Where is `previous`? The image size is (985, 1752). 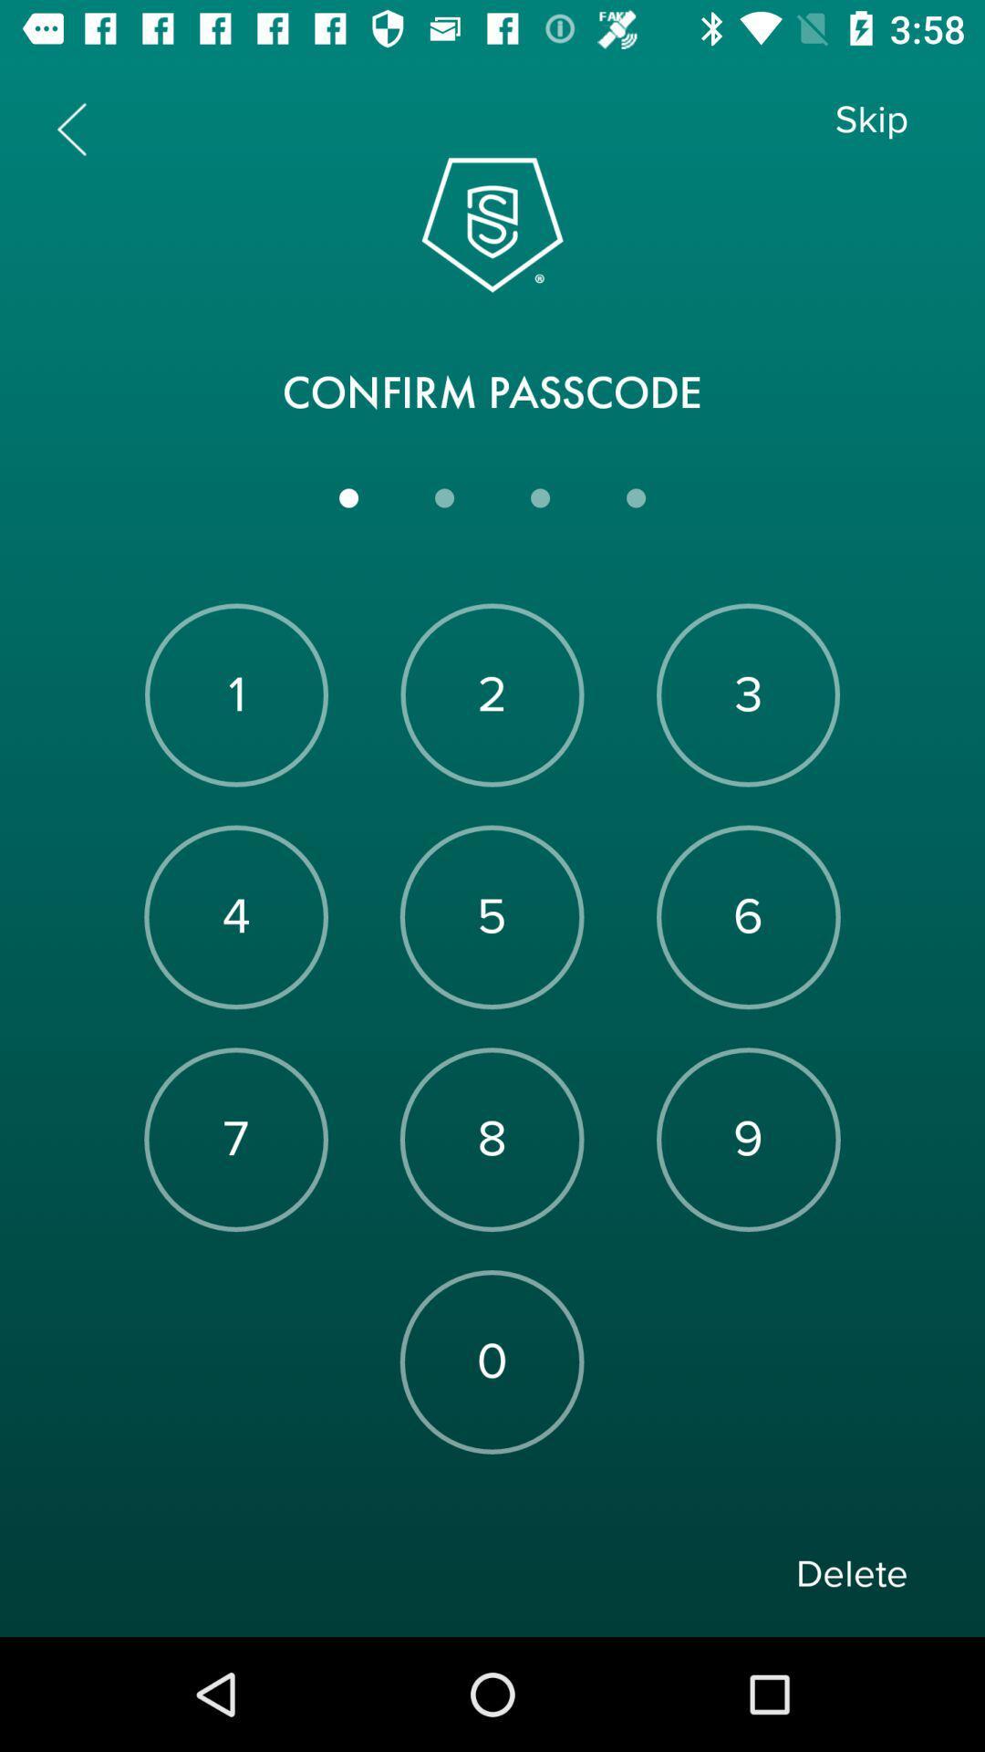
previous is located at coordinates (70, 128).